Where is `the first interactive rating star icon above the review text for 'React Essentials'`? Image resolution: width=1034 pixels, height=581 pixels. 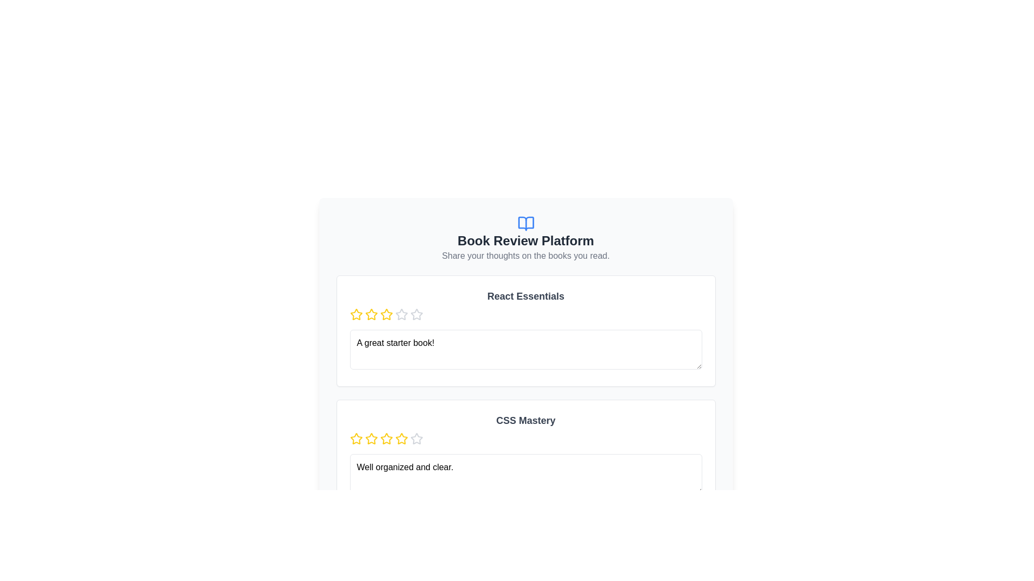
the first interactive rating star icon above the review text for 'React Essentials' is located at coordinates (356, 315).